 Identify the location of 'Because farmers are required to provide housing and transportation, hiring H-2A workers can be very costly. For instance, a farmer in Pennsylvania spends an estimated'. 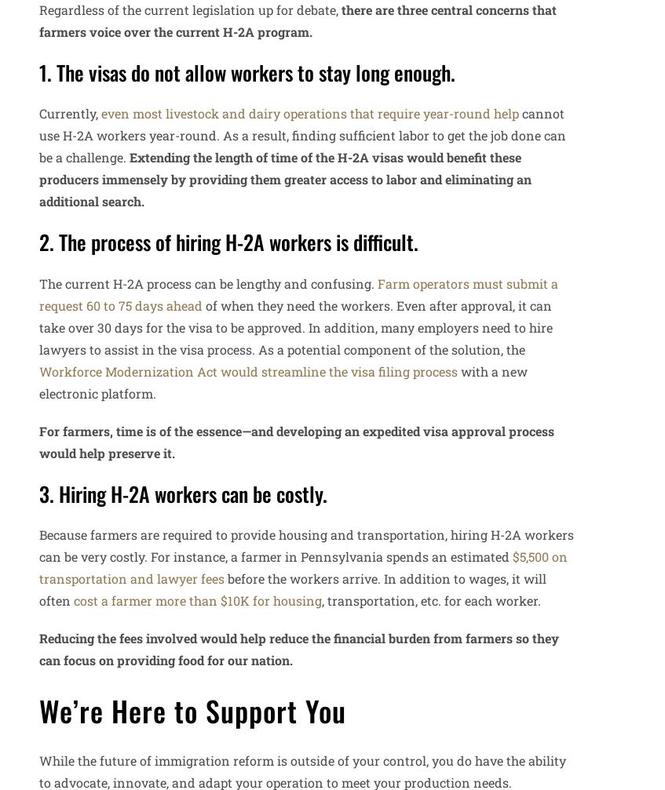
(305, 544).